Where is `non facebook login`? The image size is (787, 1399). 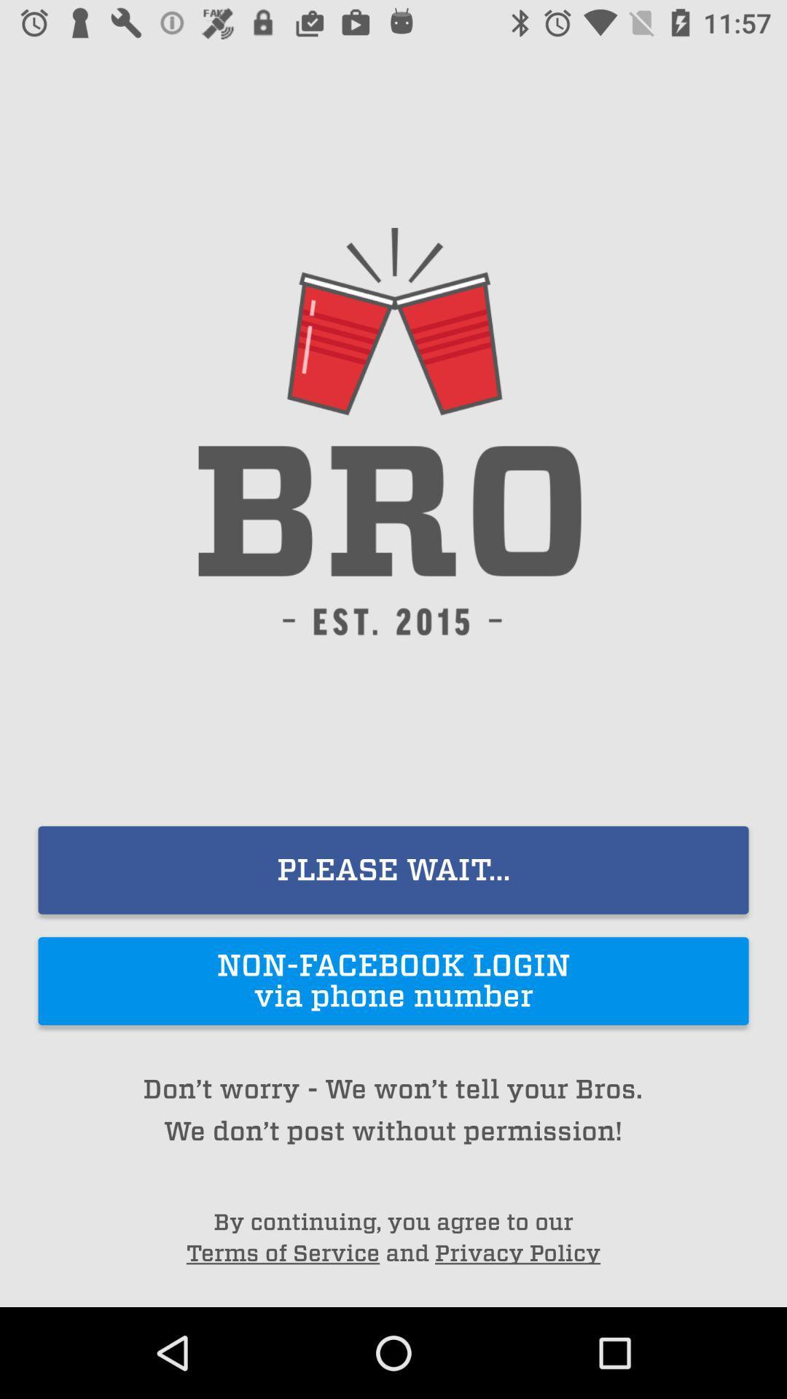
non facebook login is located at coordinates (393, 981).